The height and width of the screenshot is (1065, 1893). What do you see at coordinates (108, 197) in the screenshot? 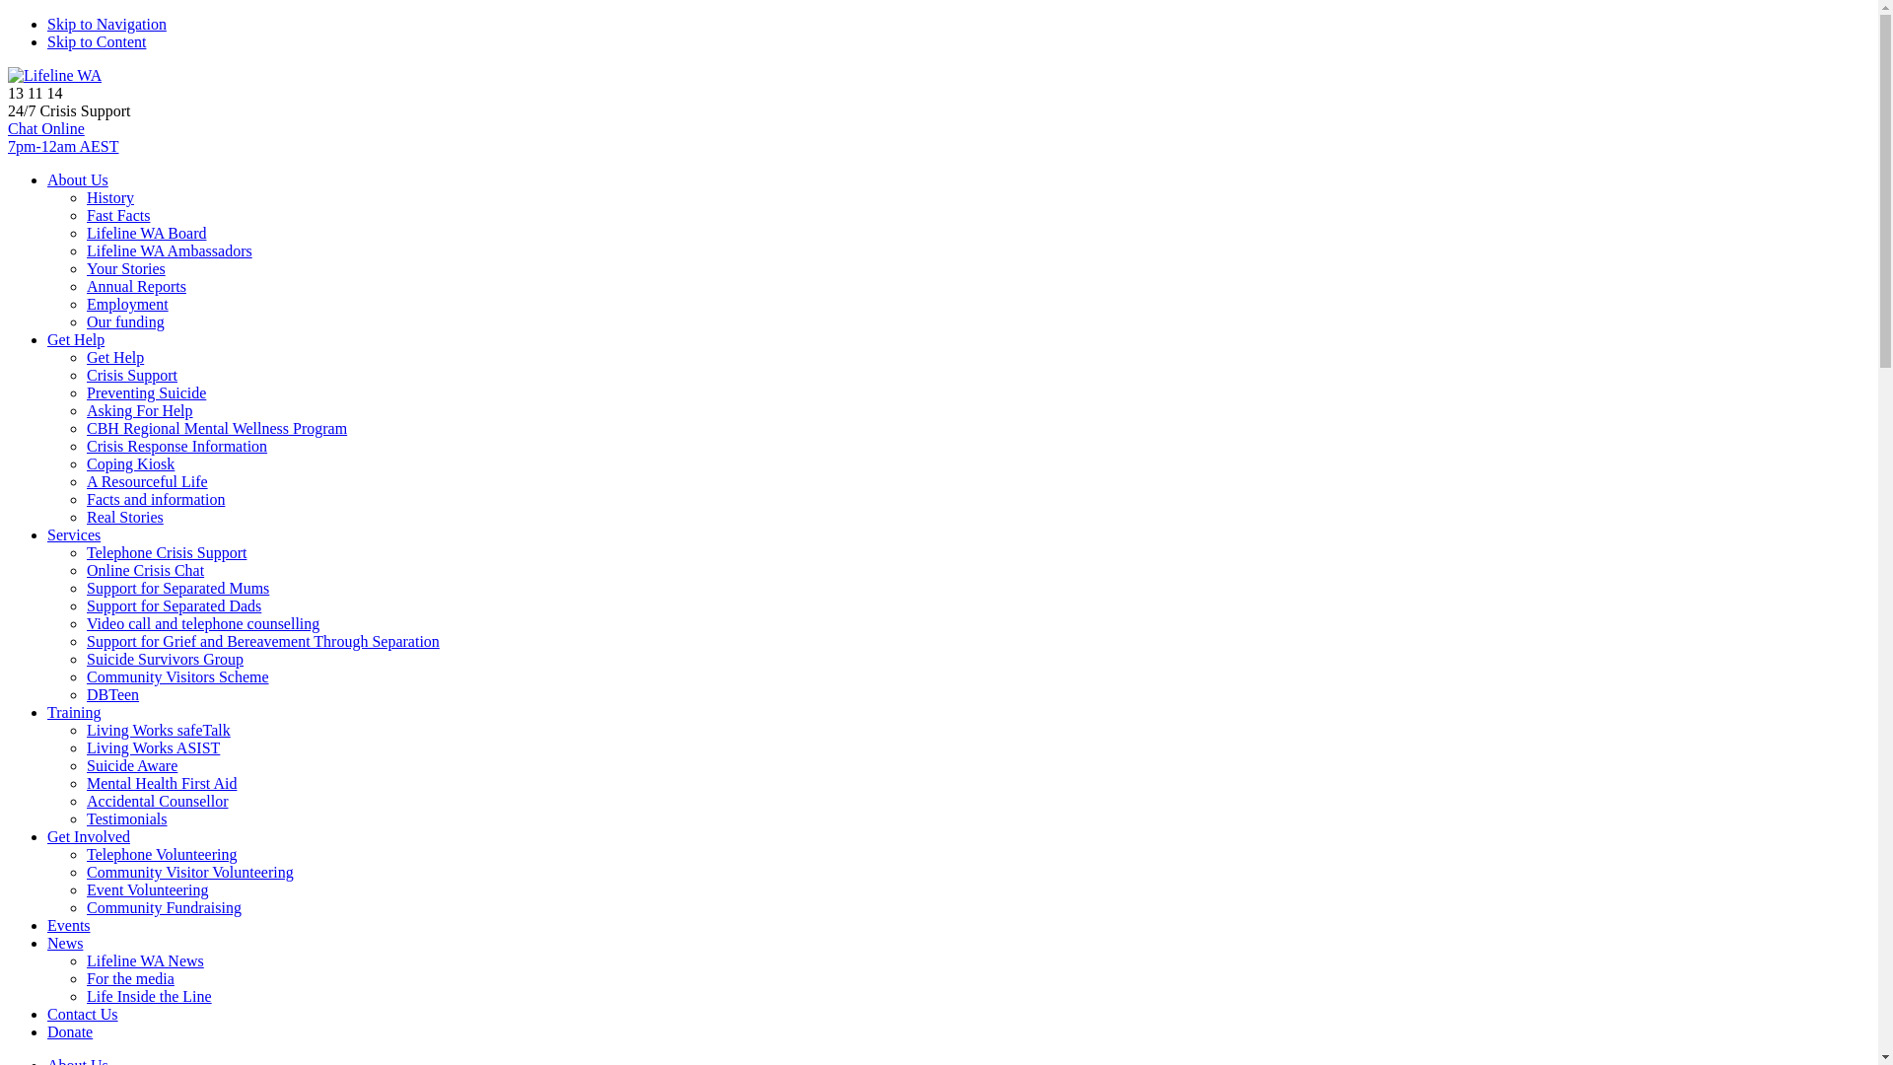
I see `'History'` at bounding box center [108, 197].